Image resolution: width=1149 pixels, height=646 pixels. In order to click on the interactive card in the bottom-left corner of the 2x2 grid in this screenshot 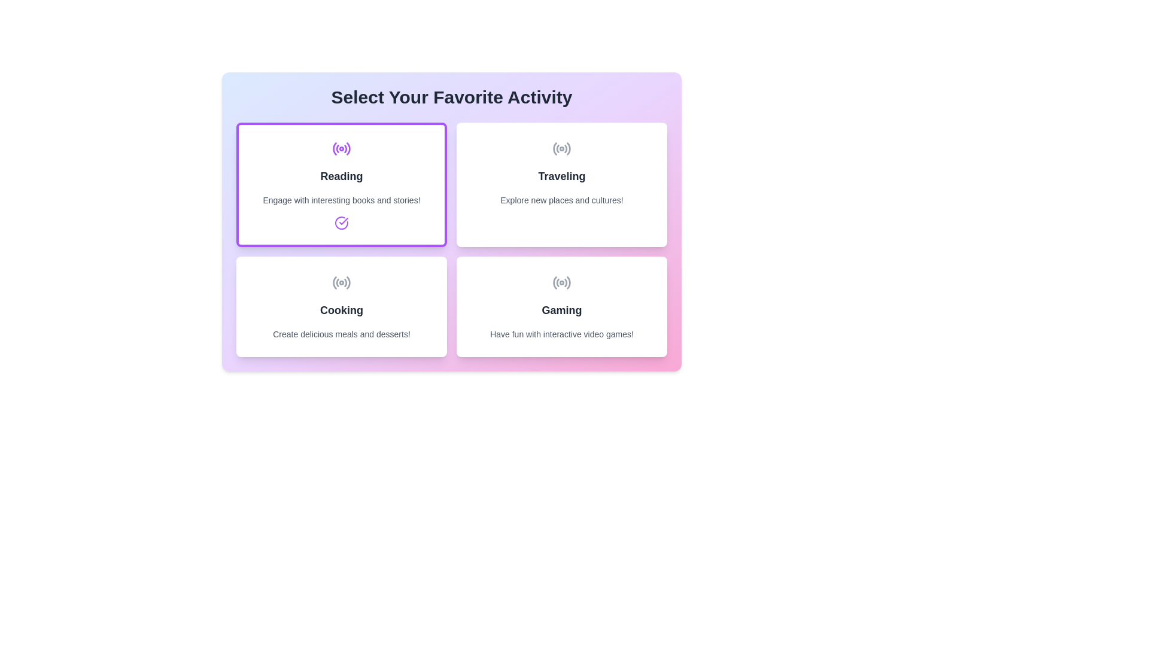, I will do `click(341, 306)`.